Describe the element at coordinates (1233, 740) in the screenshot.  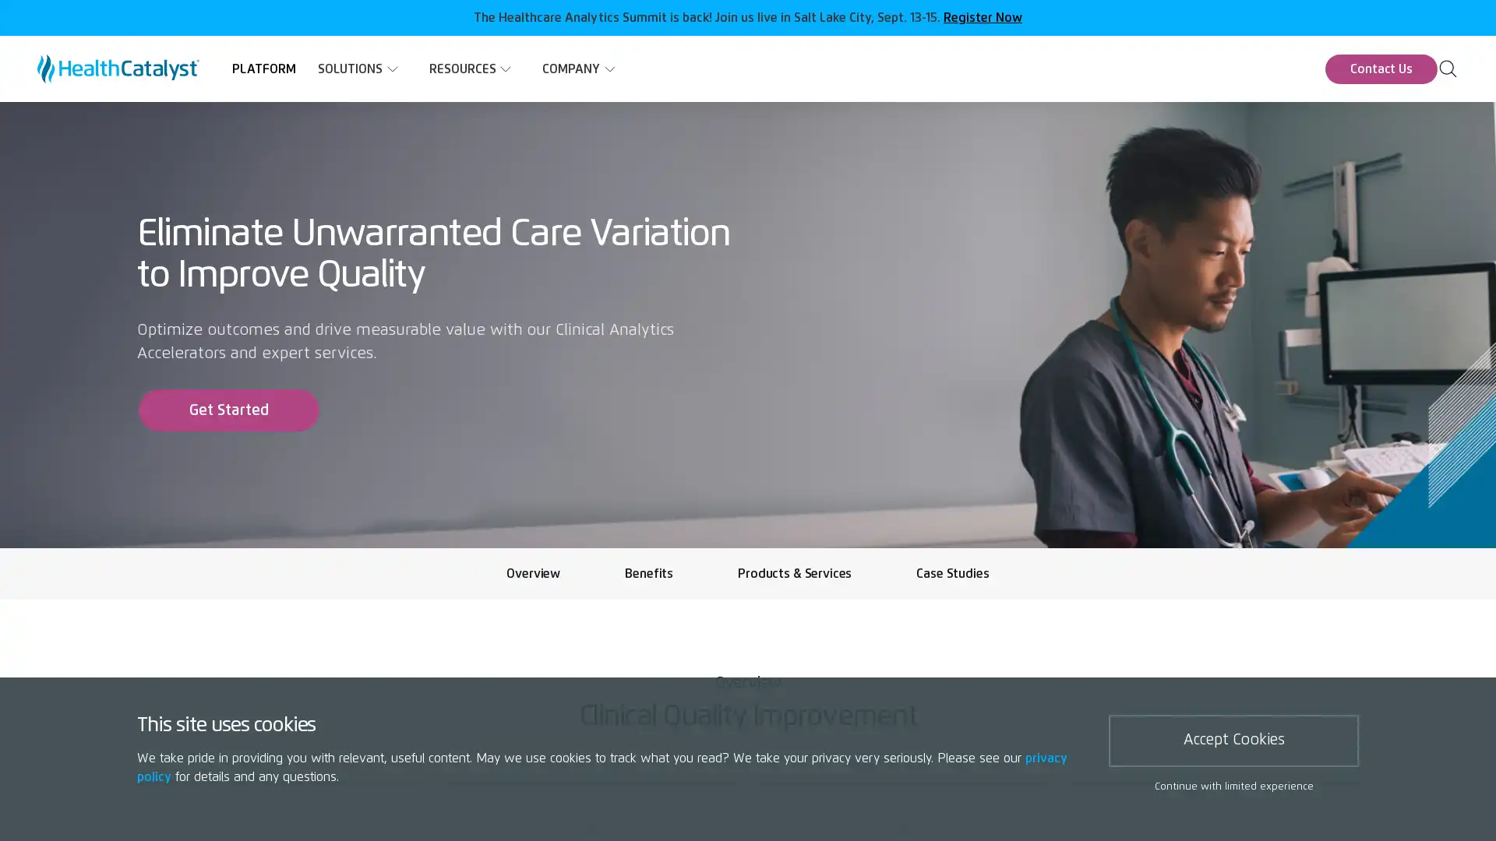
I see `Accept Cookies` at that location.